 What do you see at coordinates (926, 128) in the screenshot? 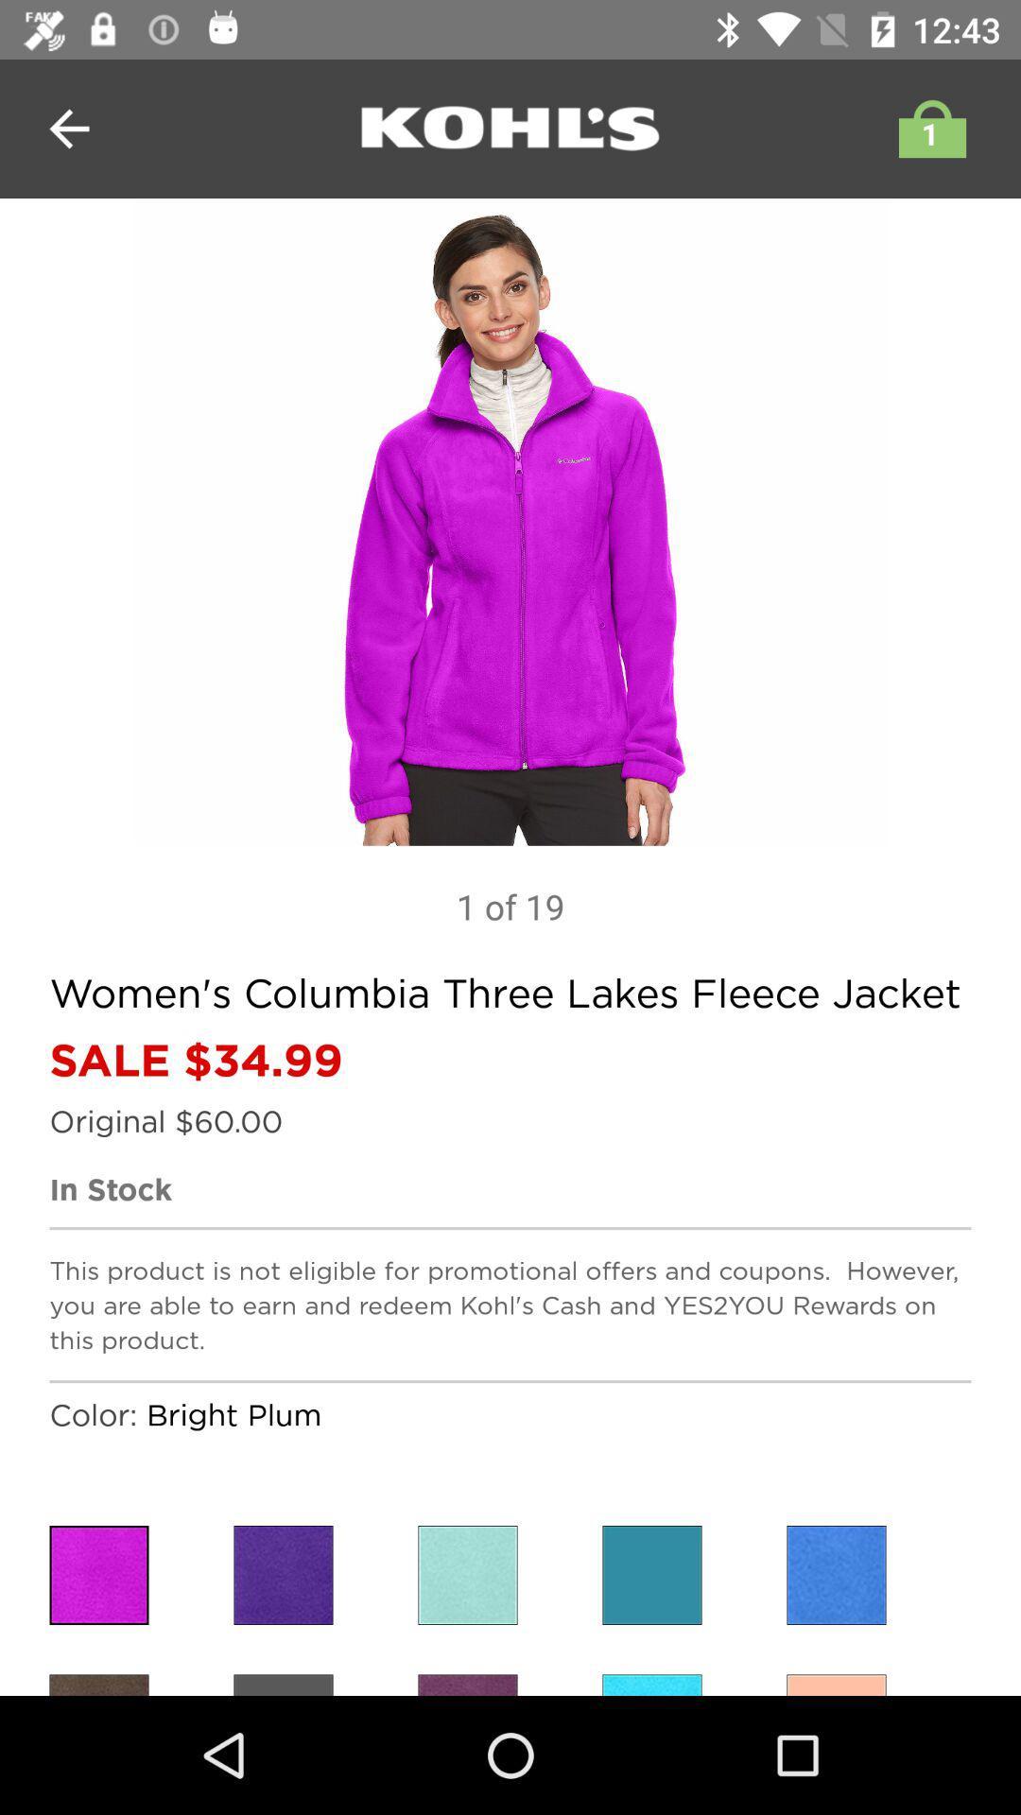
I see `basket` at bounding box center [926, 128].